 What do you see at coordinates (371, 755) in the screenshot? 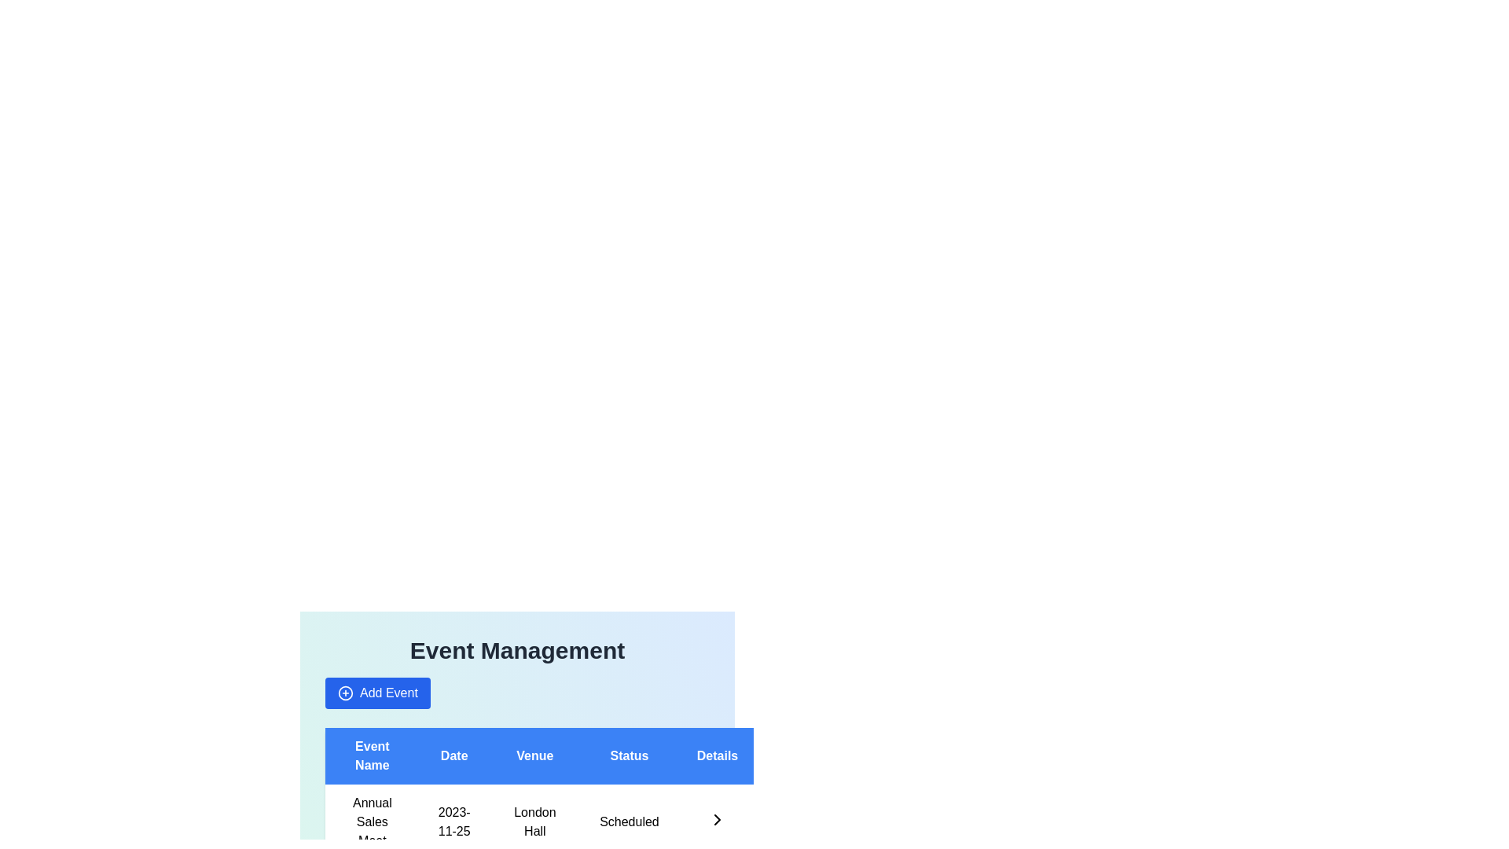
I see `the Text Label that serves as a header for event names, positioned in the top-left of its horizontal group, which includes 'Date', 'Venue', 'Status', and 'Details'` at bounding box center [371, 755].